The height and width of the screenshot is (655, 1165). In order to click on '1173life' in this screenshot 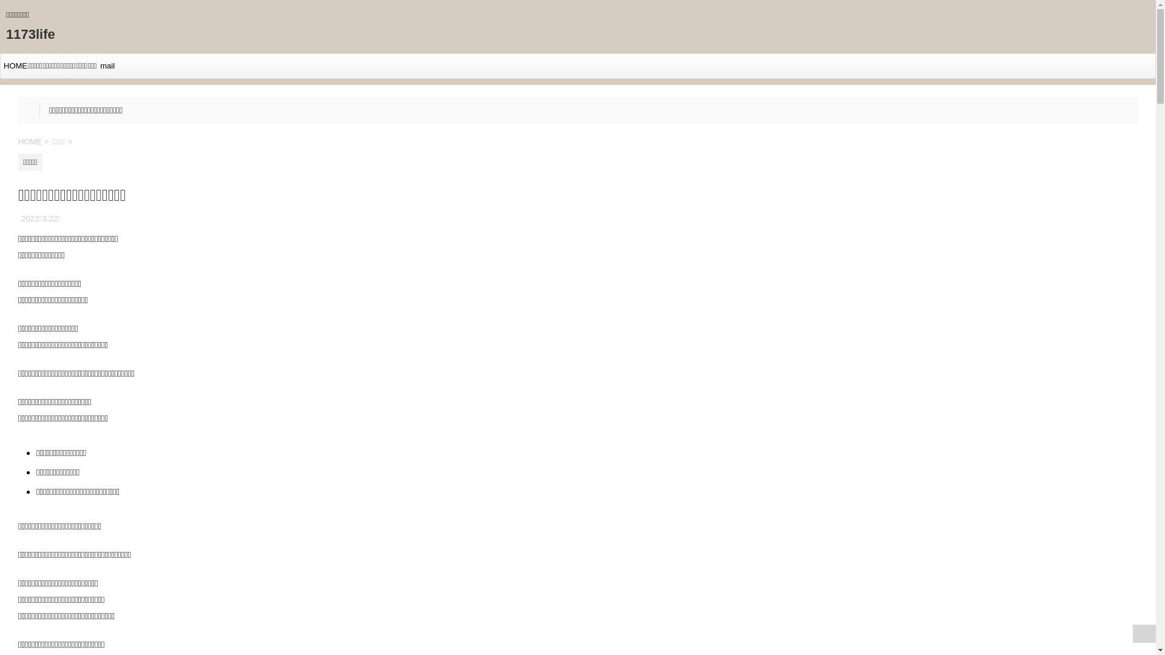, I will do `click(30, 33)`.